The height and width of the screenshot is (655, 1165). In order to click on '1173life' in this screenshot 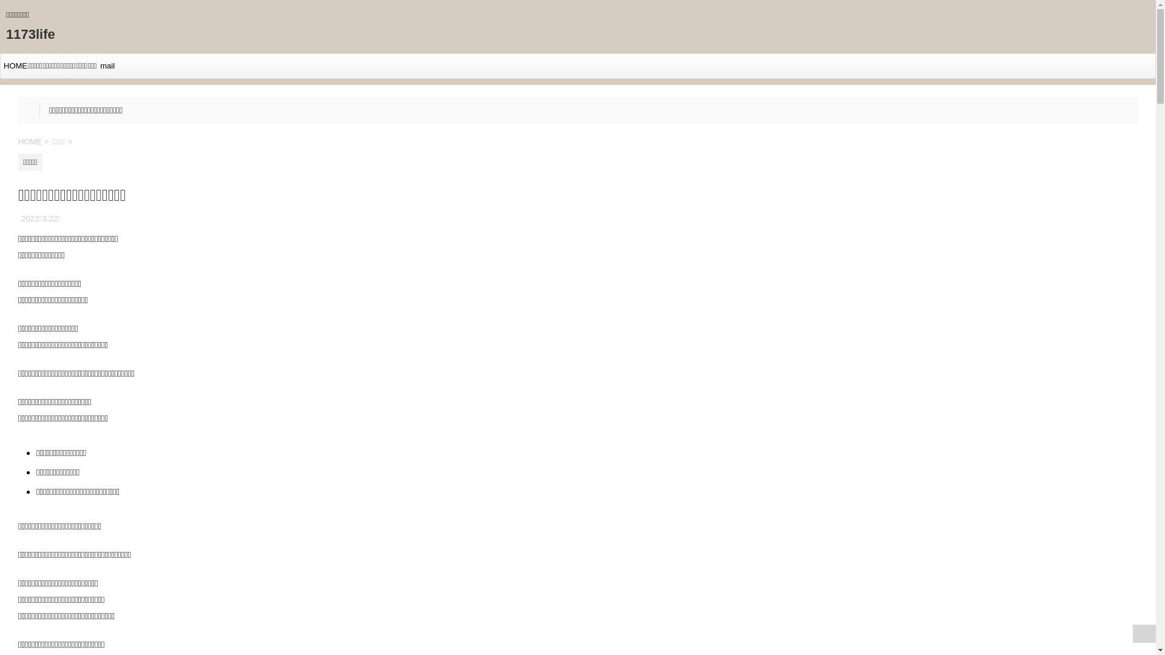, I will do `click(30, 33)`.